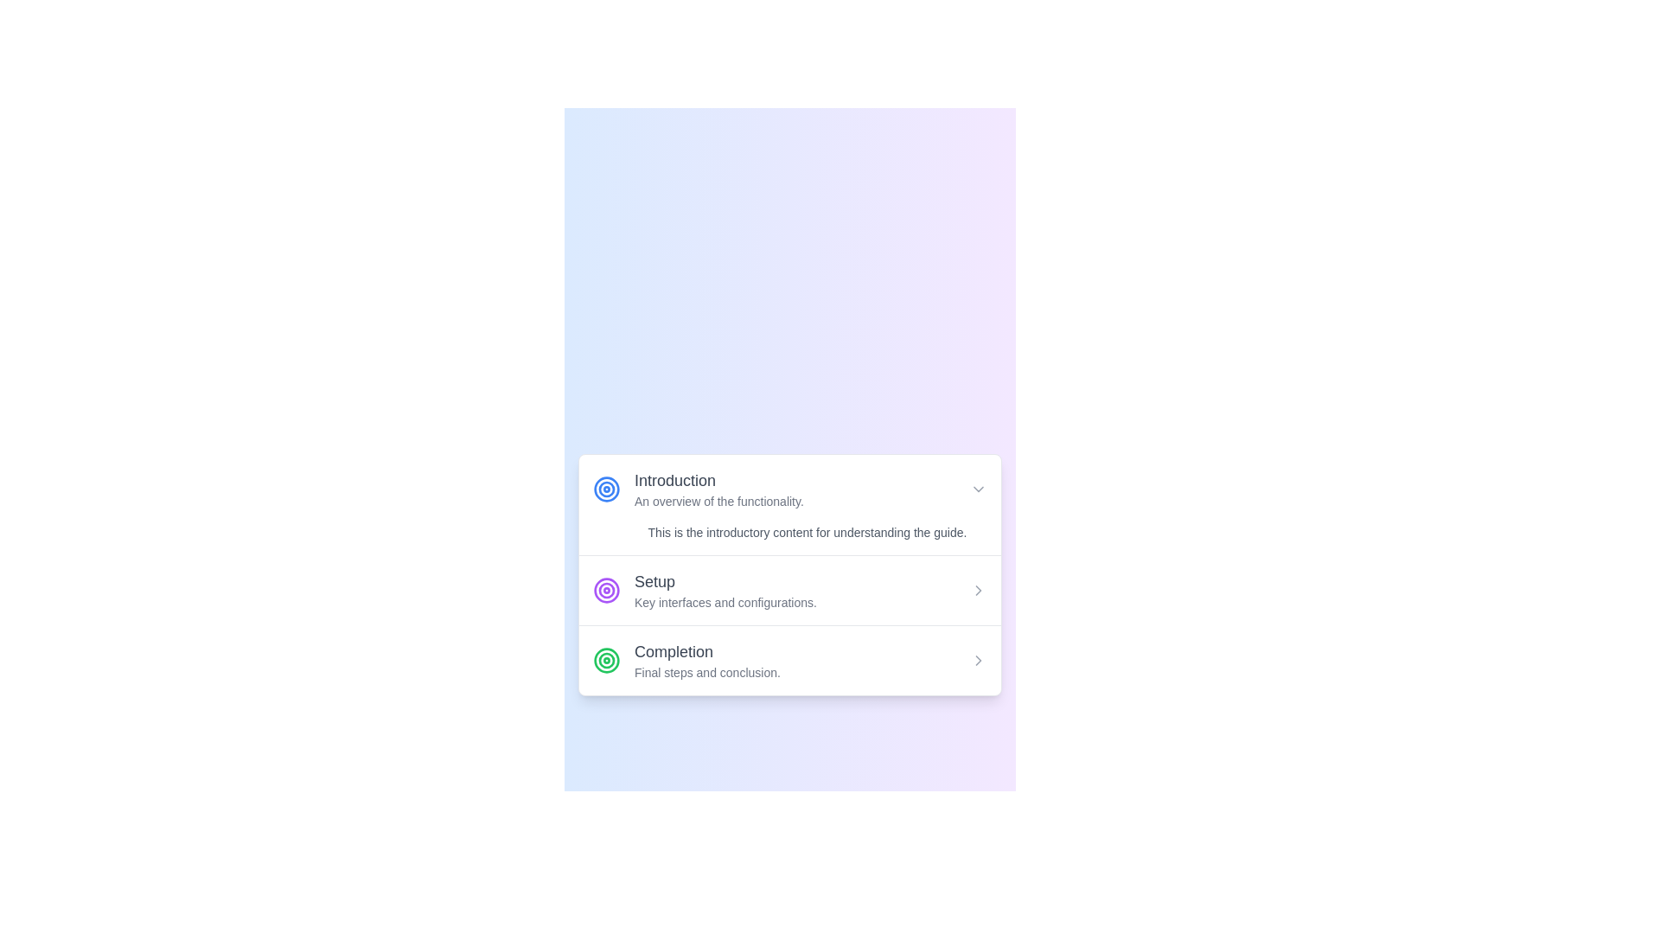  What do you see at coordinates (979, 589) in the screenshot?
I see `the right-pointing arrow icon in the 'Setup' row, which is styled as a vector graphic with smooth lines` at bounding box center [979, 589].